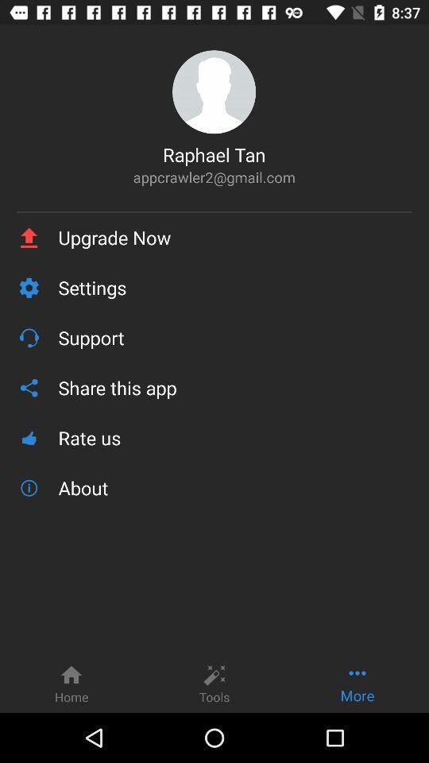 Image resolution: width=429 pixels, height=763 pixels. What do you see at coordinates (214, 211) in the screenshot?
I see `the icon below the appcrawler2@gmail.com icon` at bounding box center [214, 211].